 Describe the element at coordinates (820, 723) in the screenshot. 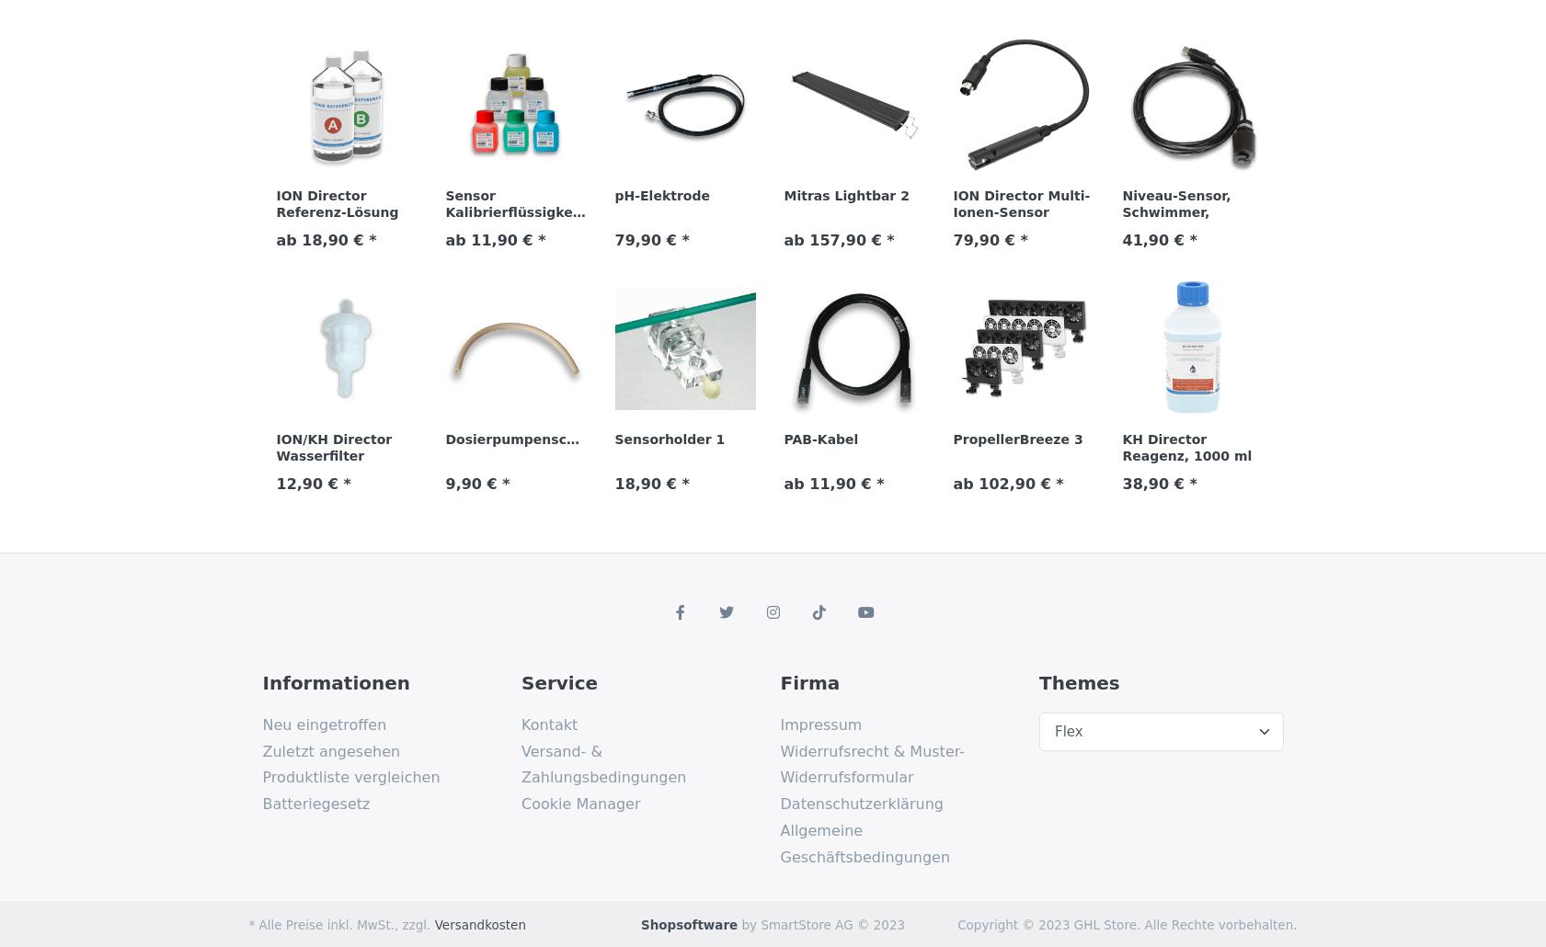

I see `'Impressum'` at that location.